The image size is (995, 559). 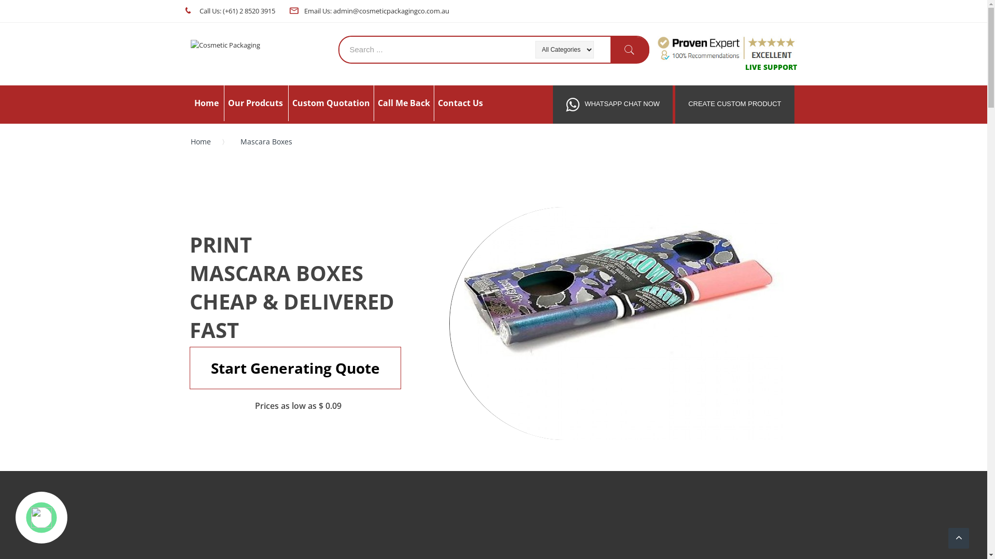 What do you see at coordinates (288, 103) in the screenshot?
I see `'Custom Quotation'` at bounding box center [288, 103].